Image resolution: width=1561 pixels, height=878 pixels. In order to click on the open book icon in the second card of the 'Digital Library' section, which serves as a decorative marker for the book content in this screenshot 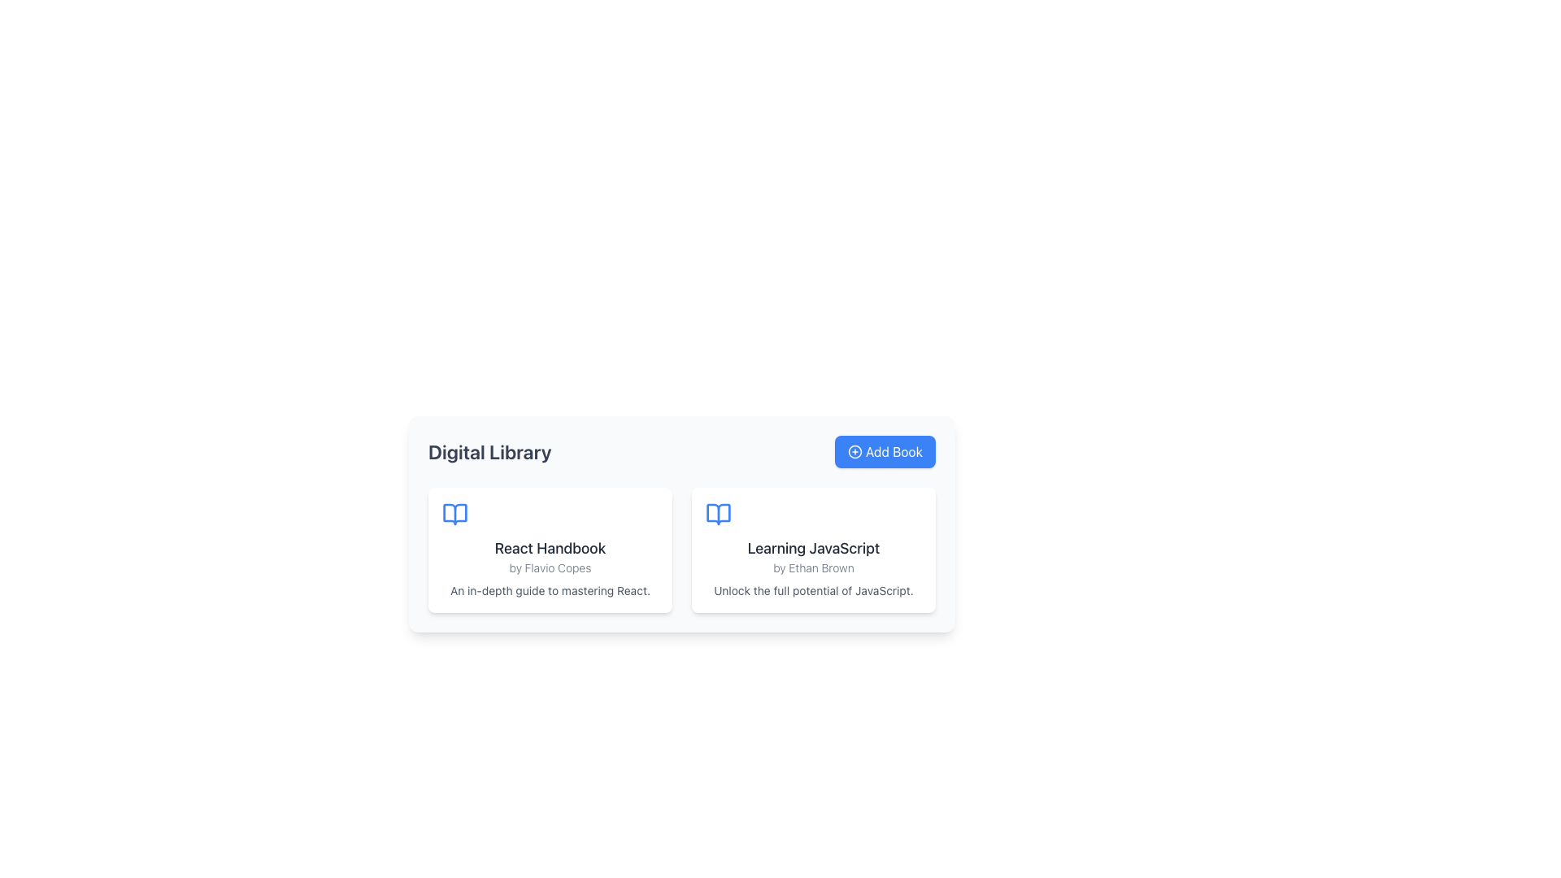, I will do `click(717, 514)`.